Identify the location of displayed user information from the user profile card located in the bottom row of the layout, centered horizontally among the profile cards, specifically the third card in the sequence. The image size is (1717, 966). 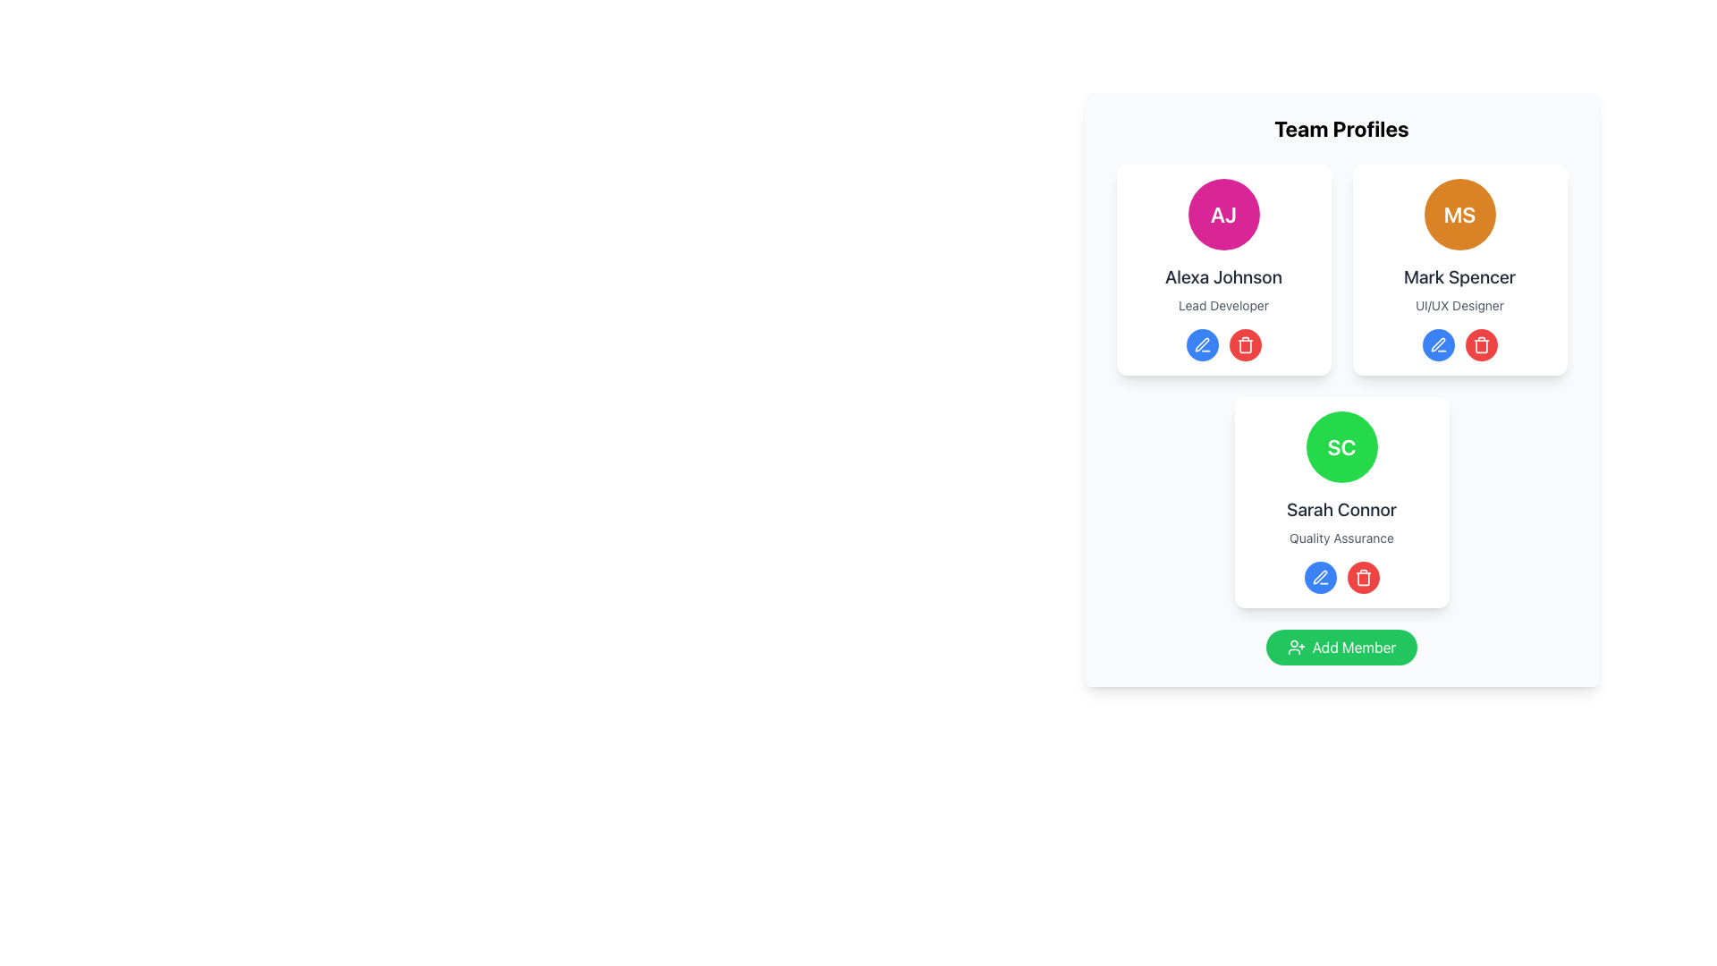
(1341, 503).